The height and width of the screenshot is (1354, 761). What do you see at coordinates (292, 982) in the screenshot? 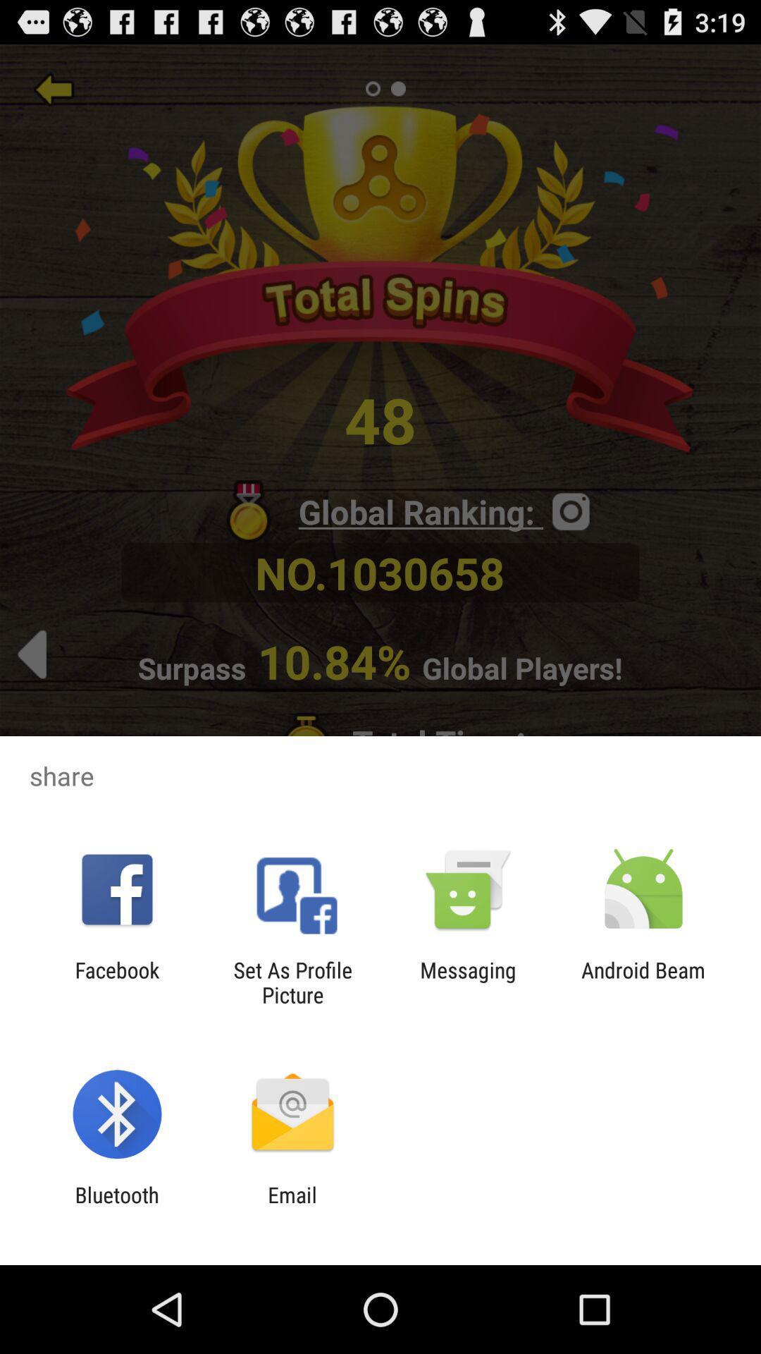
I see `the set as profile icon` at bounding box center [292, 982].